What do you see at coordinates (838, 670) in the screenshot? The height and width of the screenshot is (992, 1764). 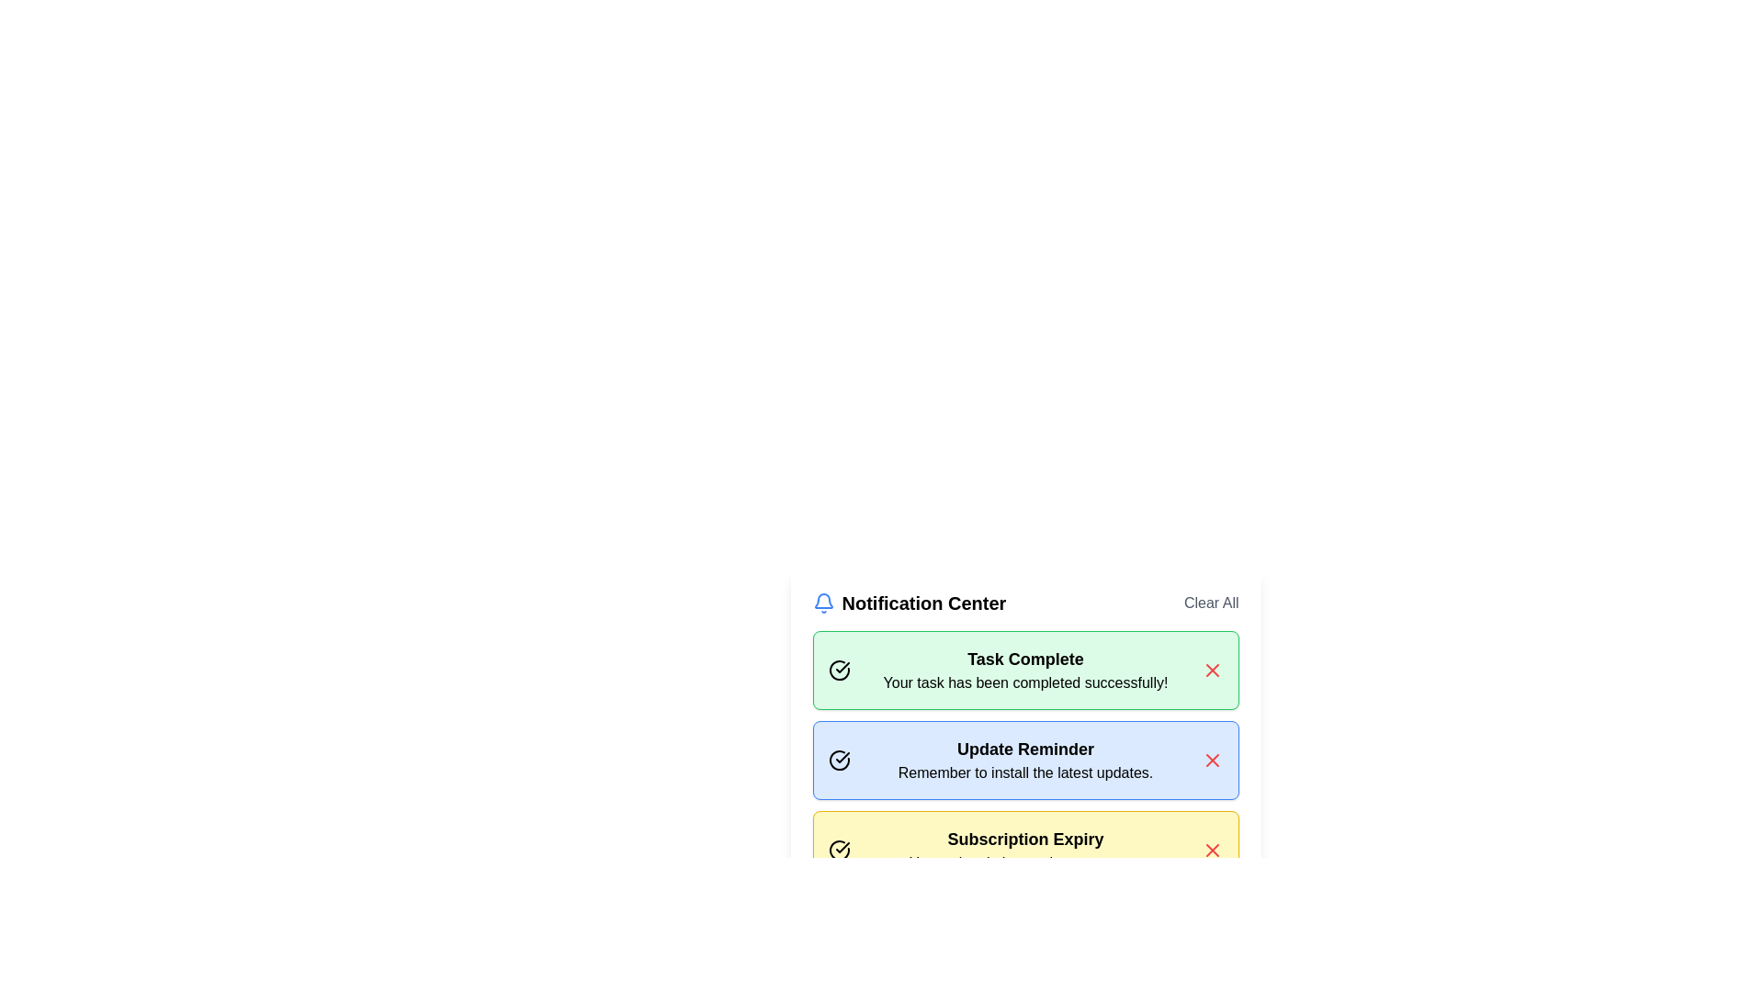 I see `the circular green icon with a checkmark inside, located at the top-left corner of the 'Task Complete' notification card` at bounding box center [838, 670].